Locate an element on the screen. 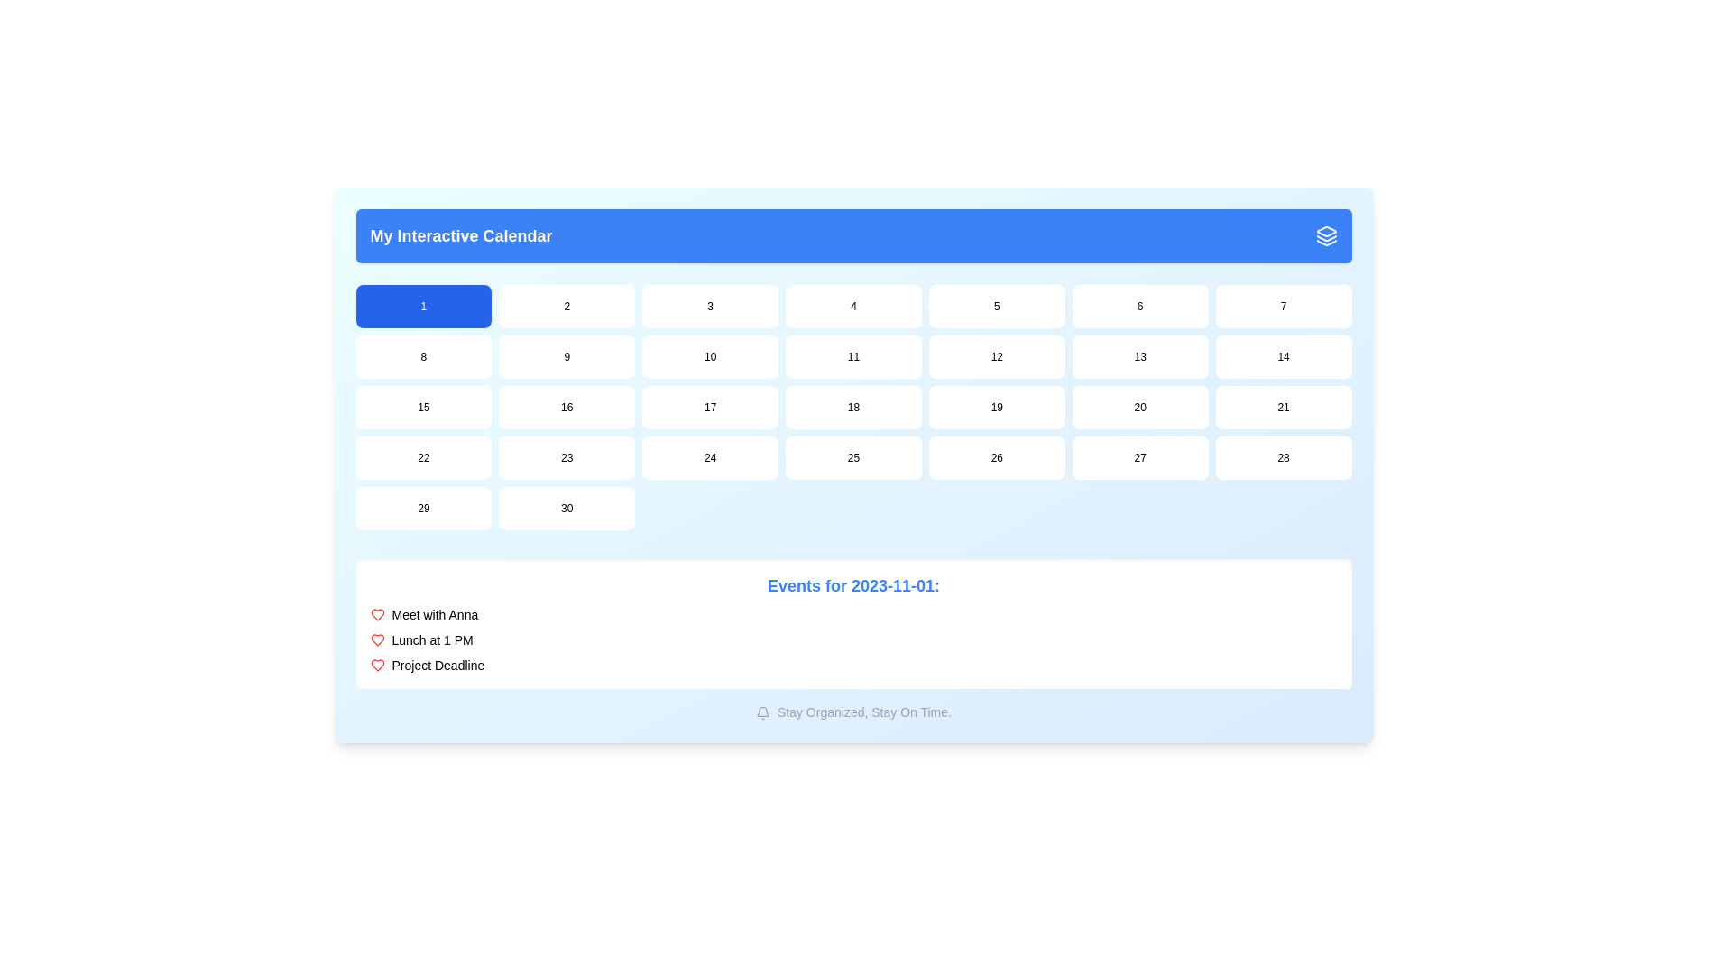 The height and width of the screenshot is (974, 1732). the calendar date button representing the 24th is located at coordinates (709, 457).